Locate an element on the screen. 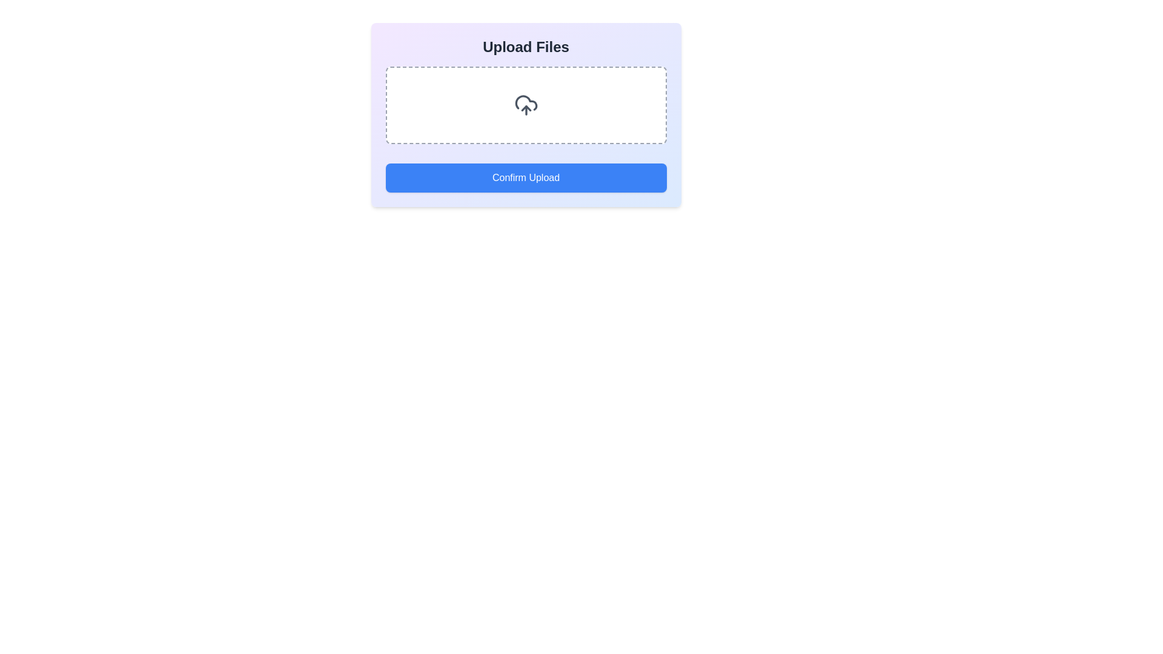 This screenshot has height=654, width=1163. the Upload area (drag-and-drop zone) located centrally below the 'Upload Files' title and above the 'Confirm Upload' button to indicate it is interactive is located at coordinates (526, 104).